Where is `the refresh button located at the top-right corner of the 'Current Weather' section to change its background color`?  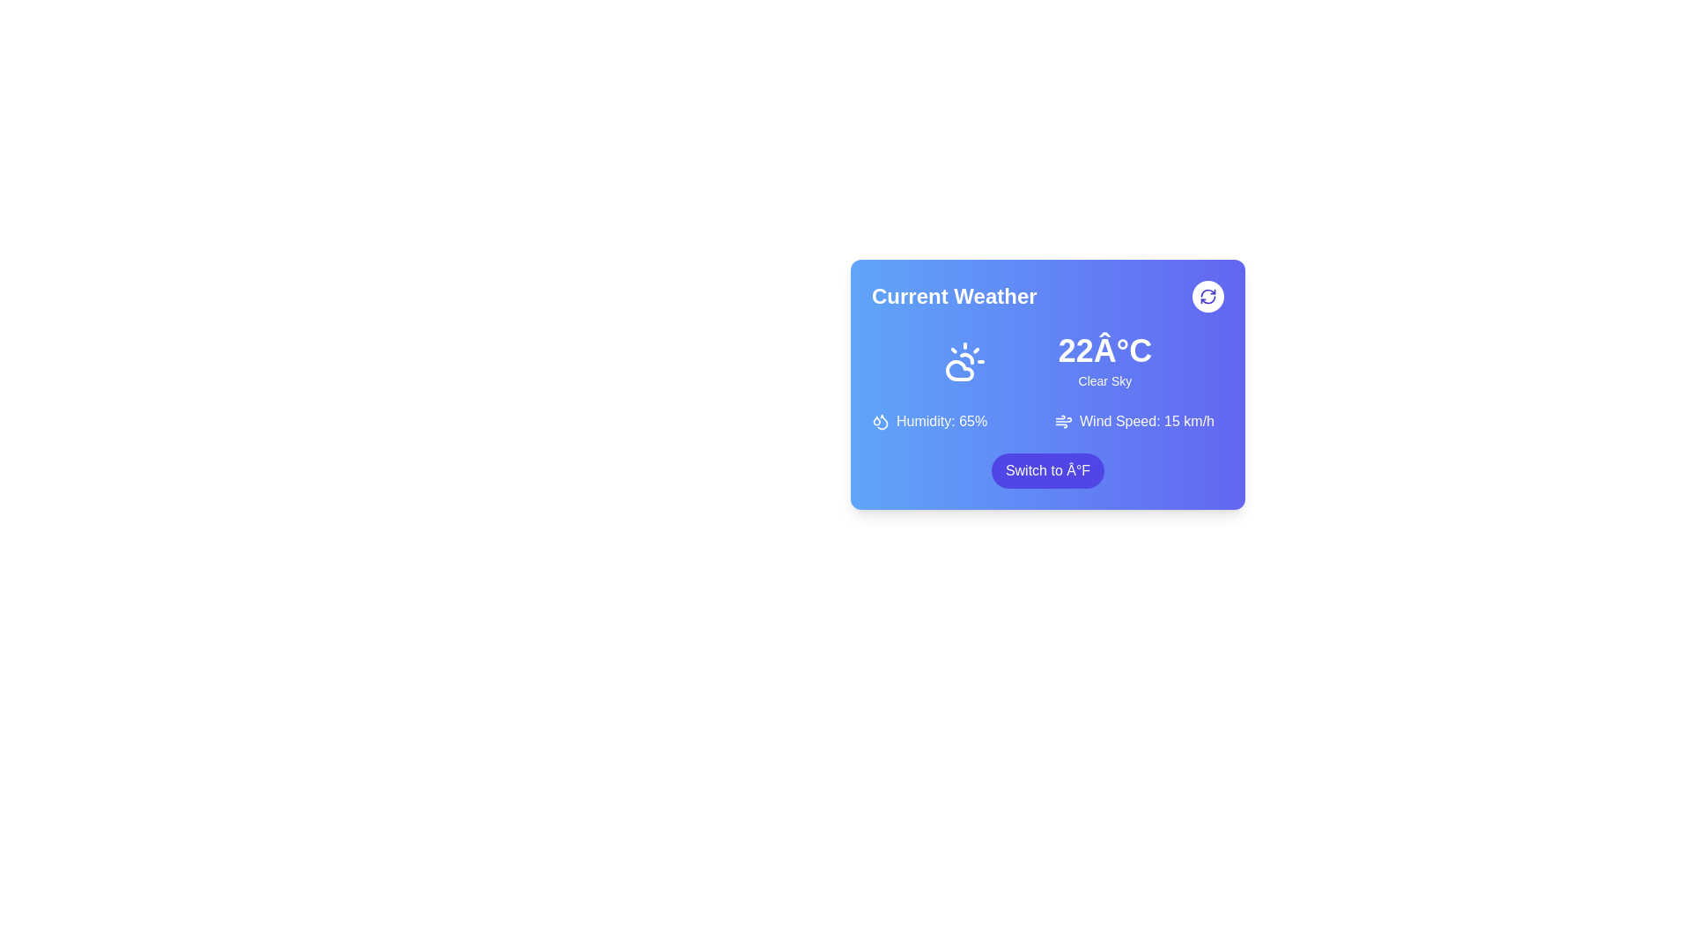
the refresh button located at the top-right corner of the 'Current Weather' section to change its background color is located at coordinates (1207, 295).